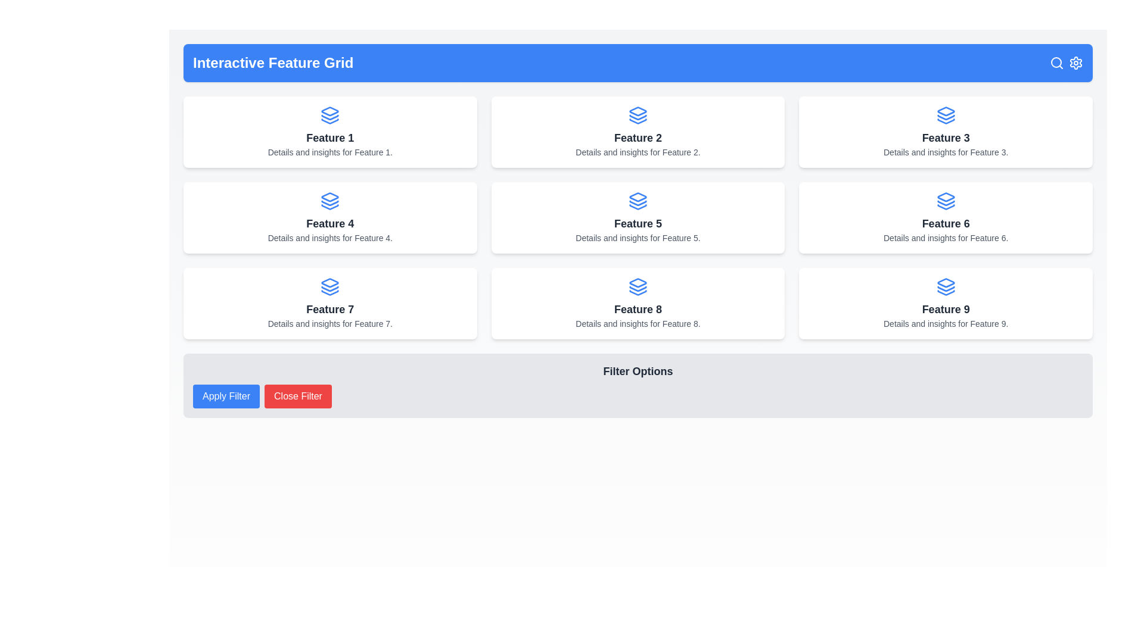 This screenshot has height=643, width=1144. What do you see at coordinates (637, 151) in the screenshot?
I see `the text label reading 'Details and insights for Feature 2.' located beneath the bold title 'Feature 2' in the second column of the first row in the grid layout` at bounding box center [637, 151].